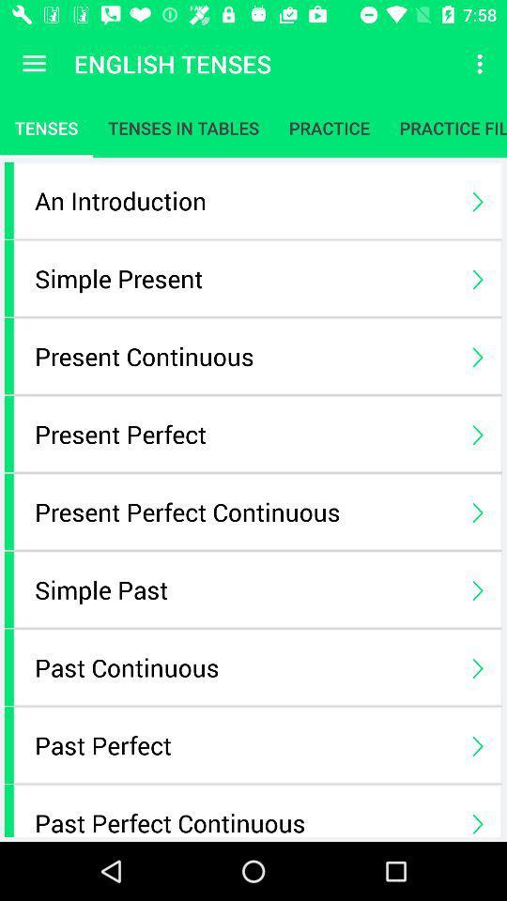  What do you see at coordinates (243, 277) in the screenshot?
I see `the item below an introduction icon` at bounding box center [243, 277].